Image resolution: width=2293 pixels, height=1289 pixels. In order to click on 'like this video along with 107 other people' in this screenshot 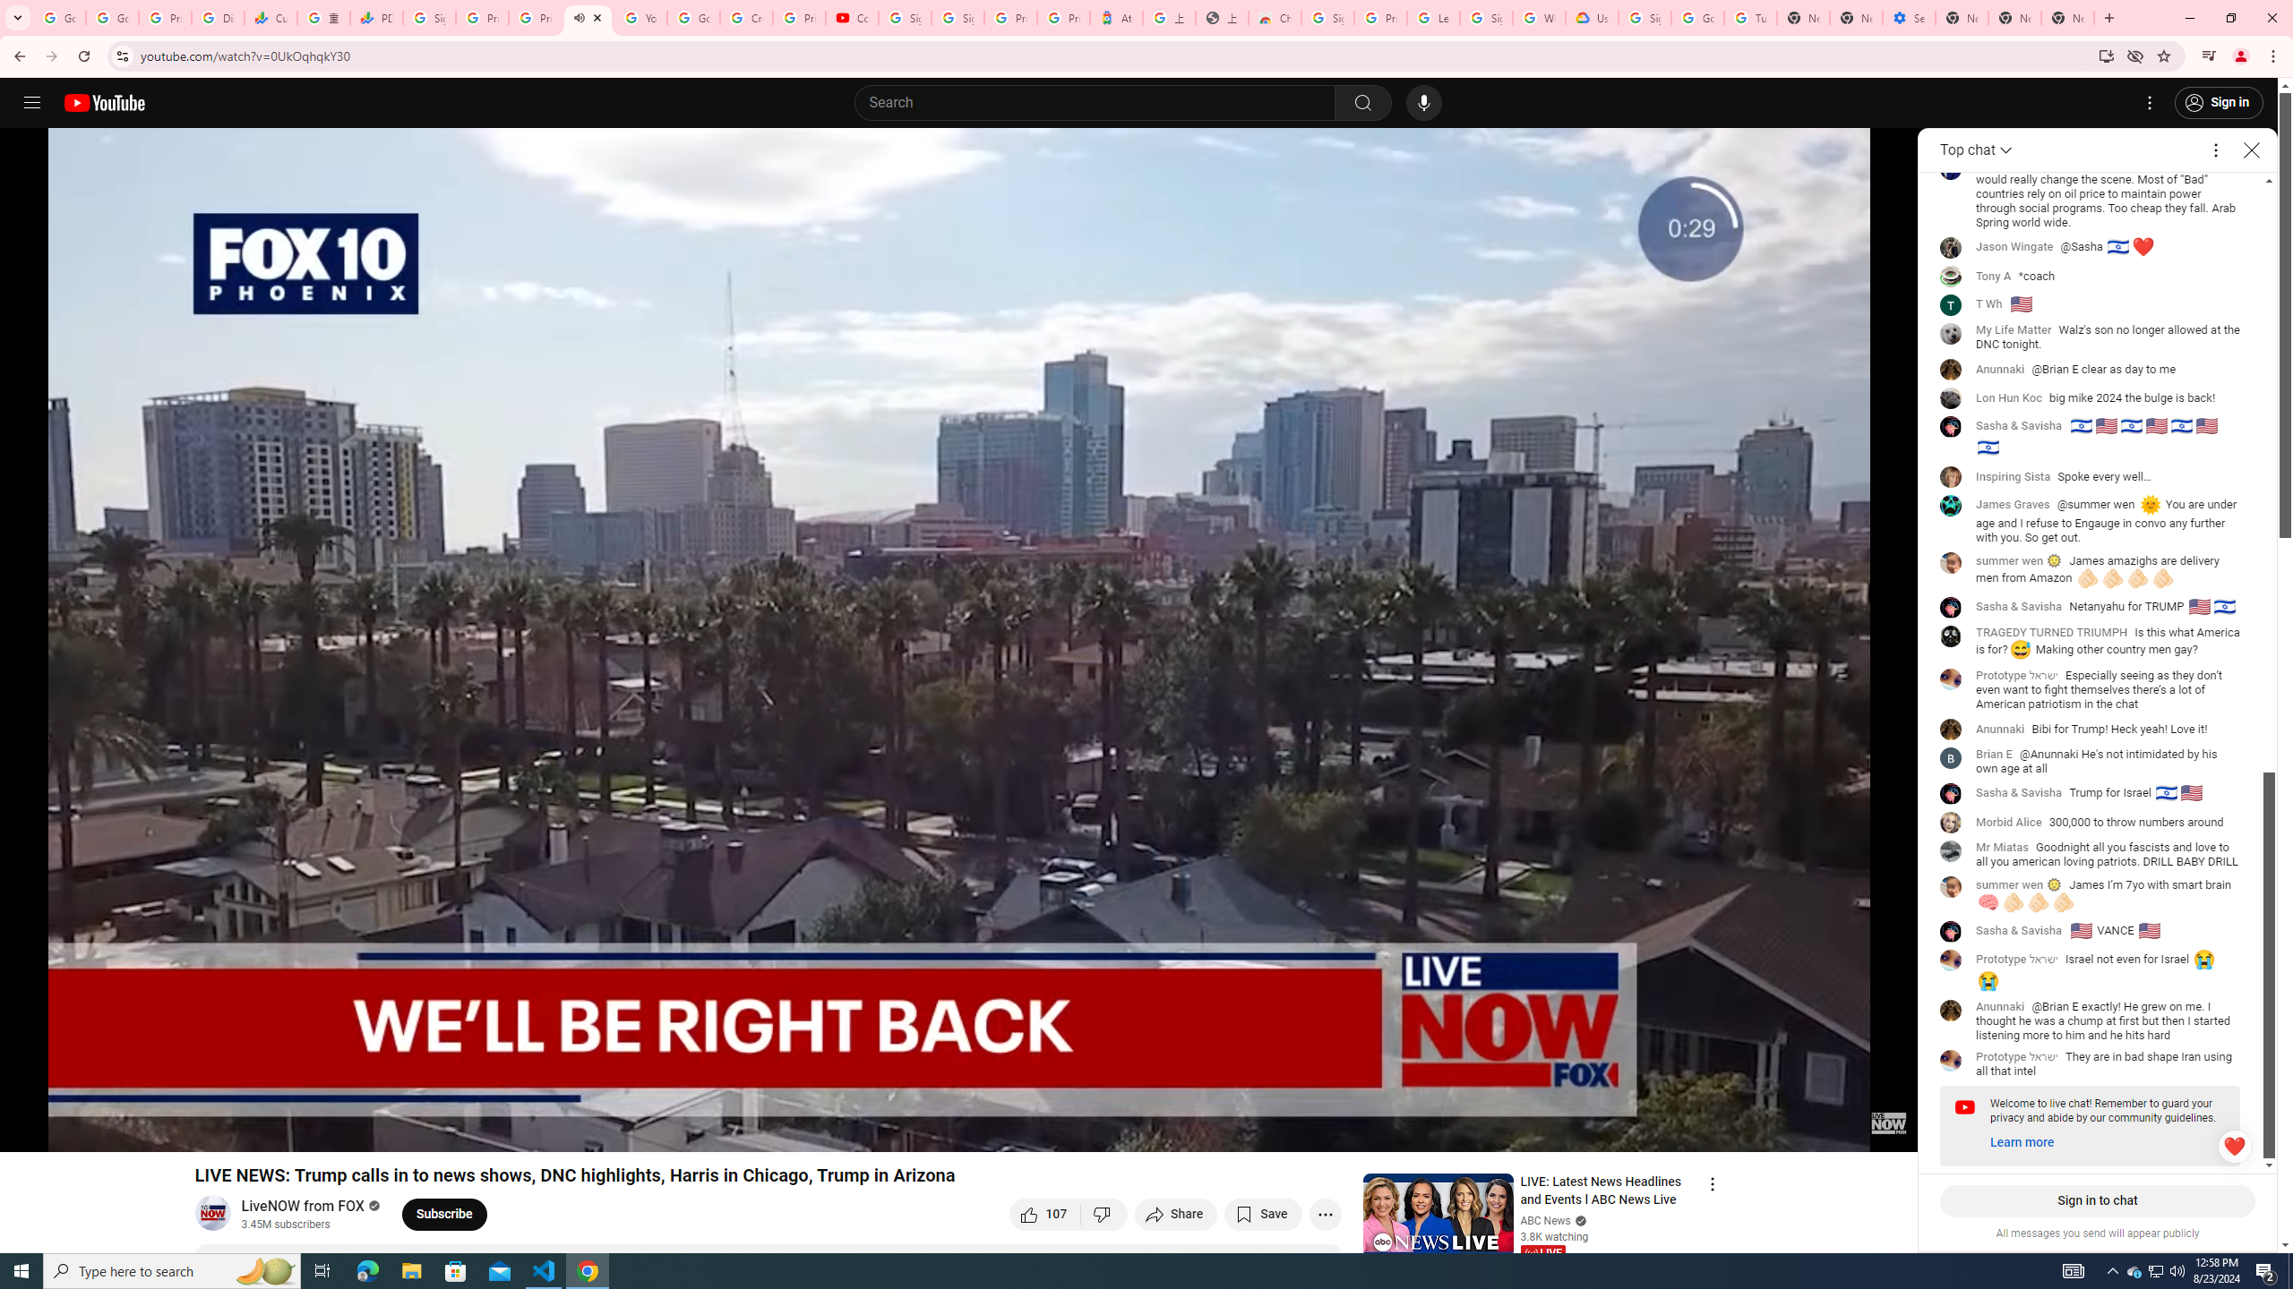, I will do `click(1044, 1213)`.